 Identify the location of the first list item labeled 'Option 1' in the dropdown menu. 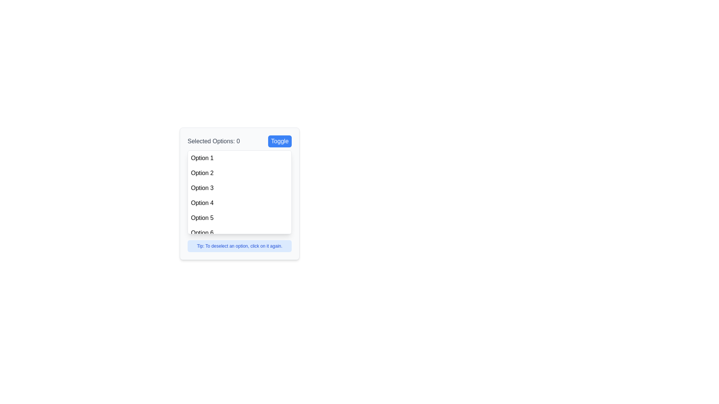
(239, 158).